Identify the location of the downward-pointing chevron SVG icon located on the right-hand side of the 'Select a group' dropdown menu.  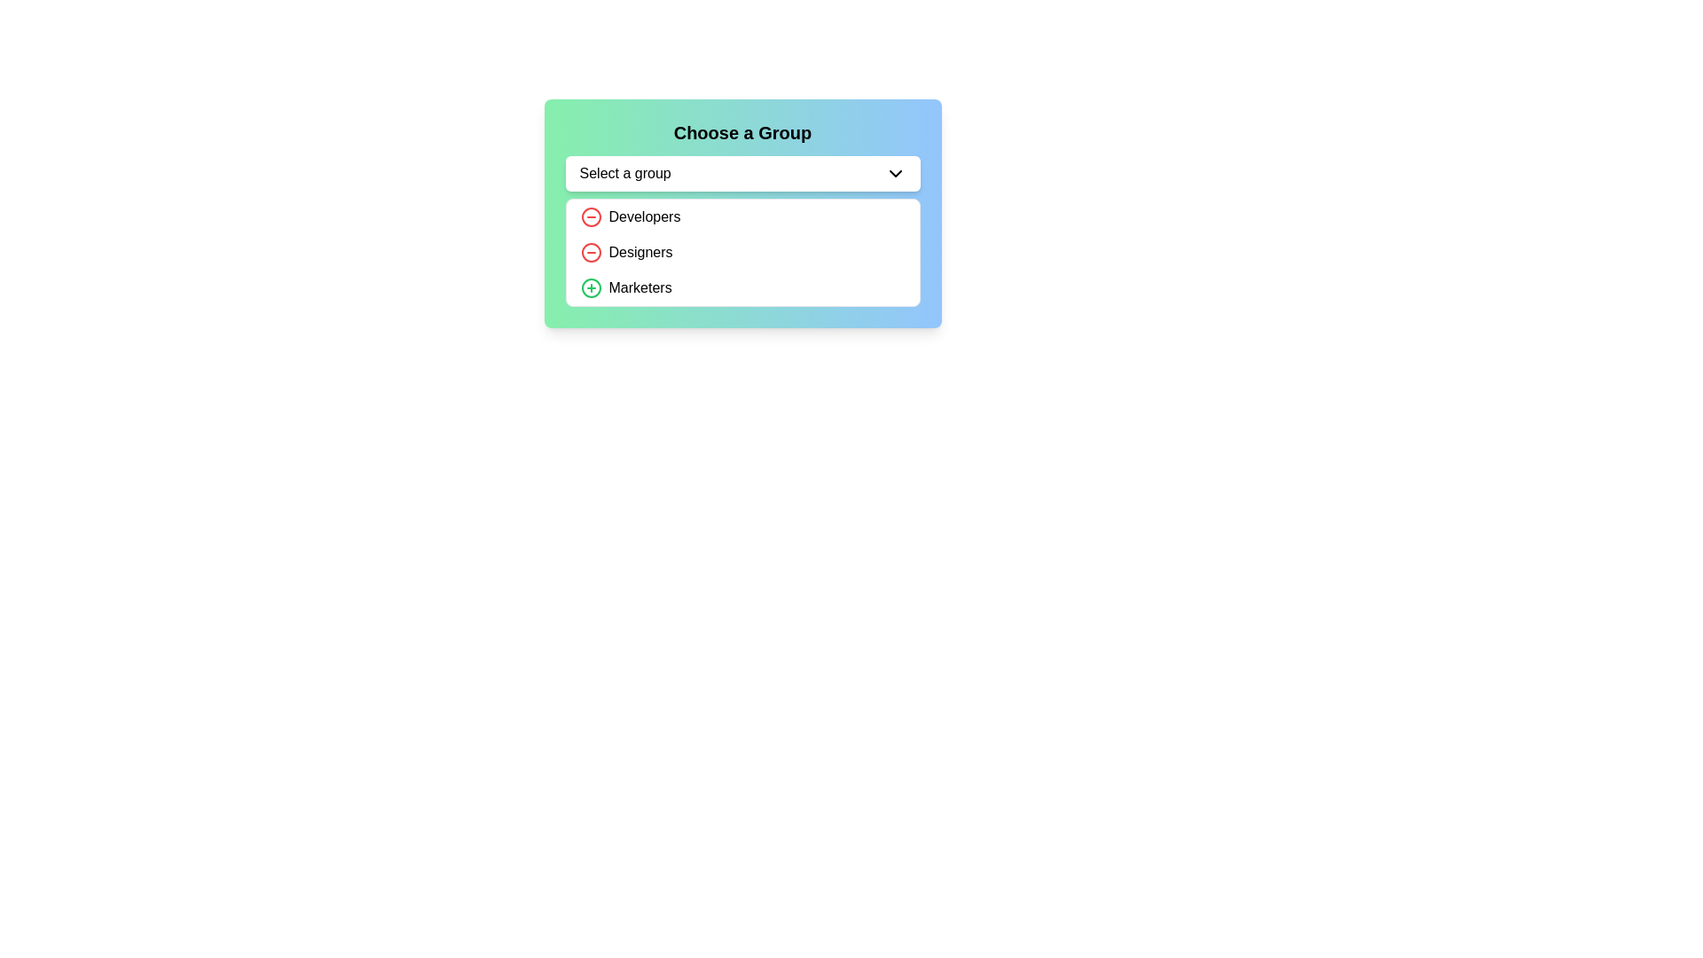
(895, 174).